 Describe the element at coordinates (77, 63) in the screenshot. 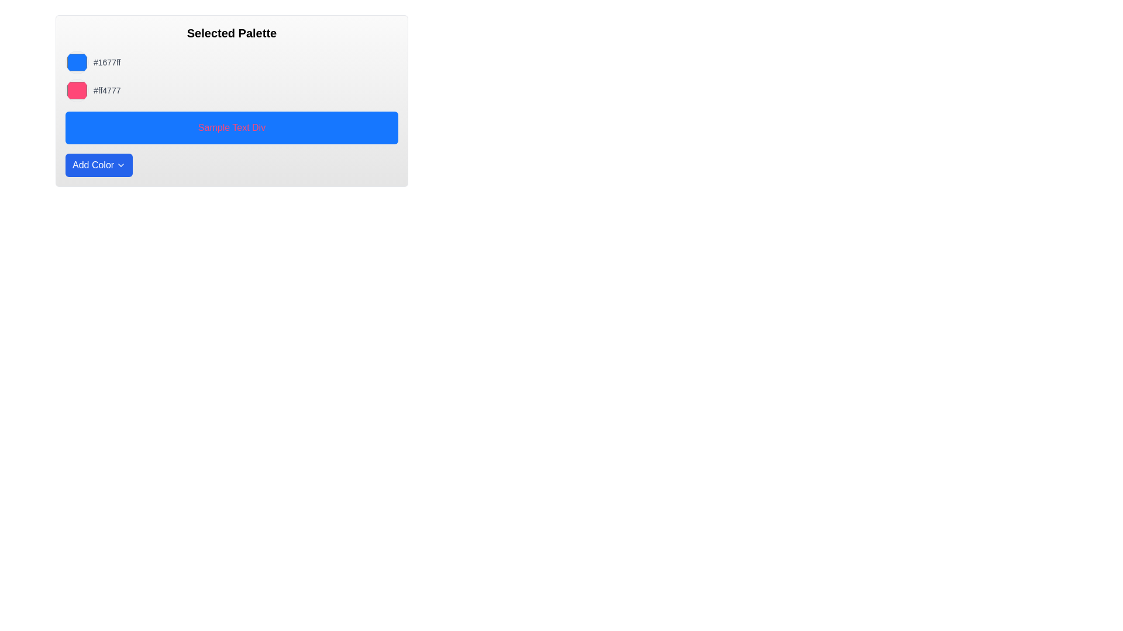

I see `the Color Picker Swatch Button with a blue fill color (#1677ff)` at that location.